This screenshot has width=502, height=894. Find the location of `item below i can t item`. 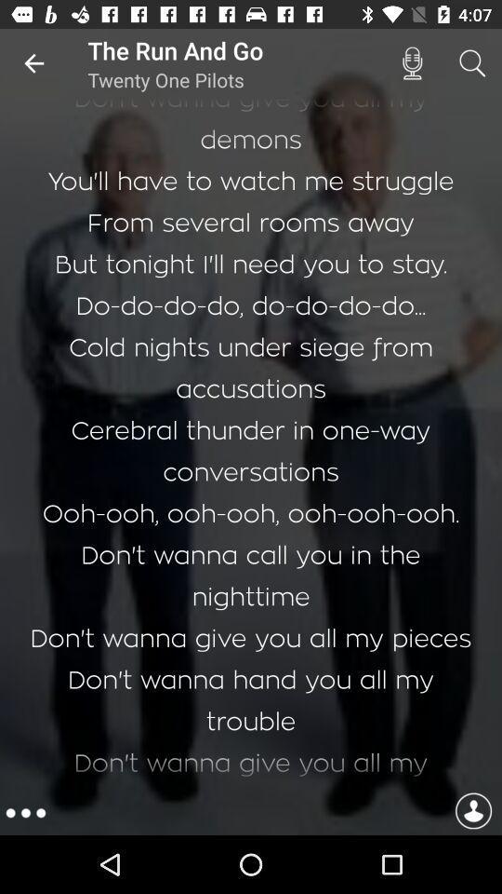

item below i can t item is located at coordinates (473, 812).